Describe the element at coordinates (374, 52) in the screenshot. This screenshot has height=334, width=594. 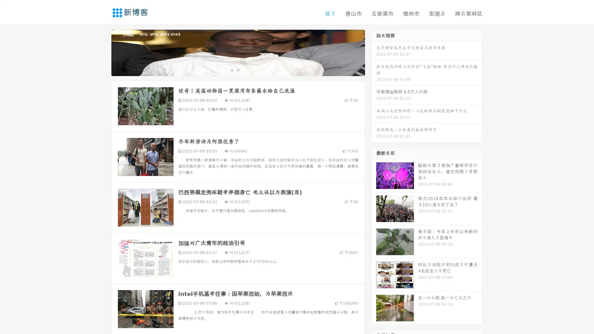
I see `Next slide` at that location.